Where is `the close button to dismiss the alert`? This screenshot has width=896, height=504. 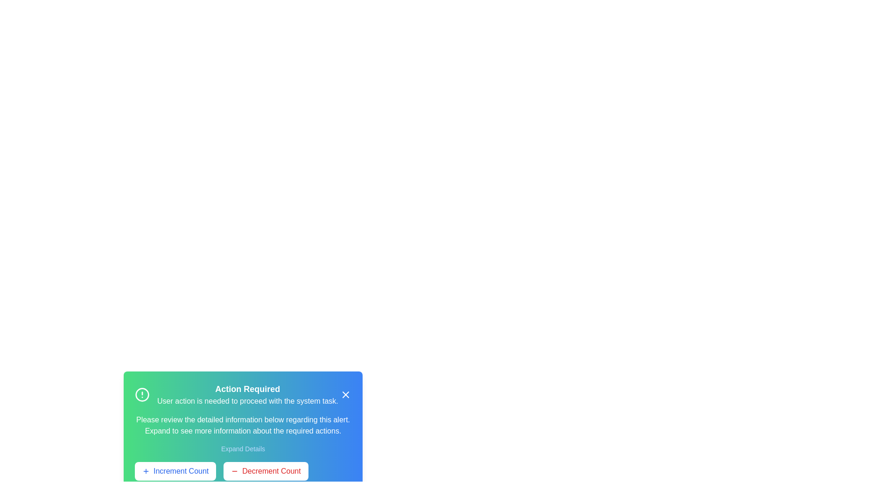
the close button to dismiss the alert is located at coordinates (345, 394).